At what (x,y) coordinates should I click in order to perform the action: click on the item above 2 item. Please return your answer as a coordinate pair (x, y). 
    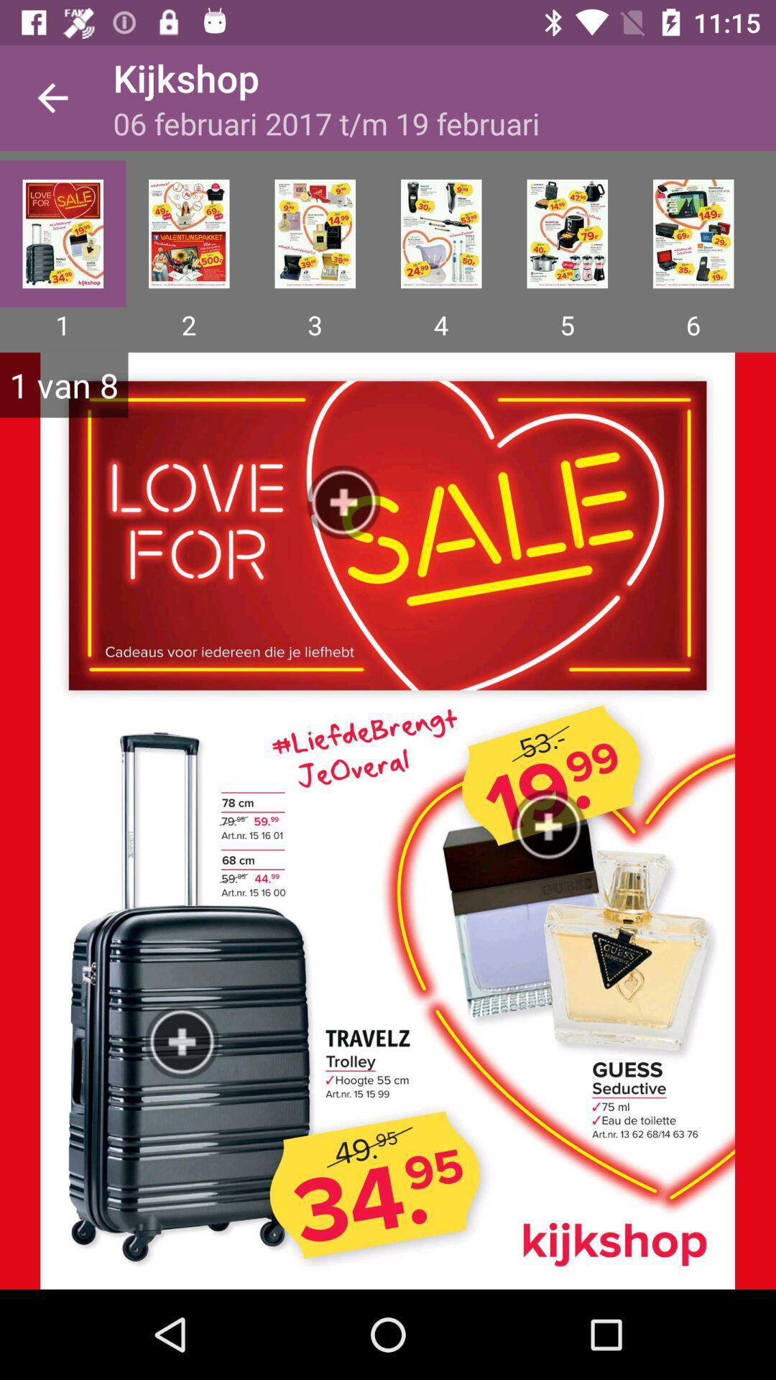
    Looking at the image, I should click on (188, 234).